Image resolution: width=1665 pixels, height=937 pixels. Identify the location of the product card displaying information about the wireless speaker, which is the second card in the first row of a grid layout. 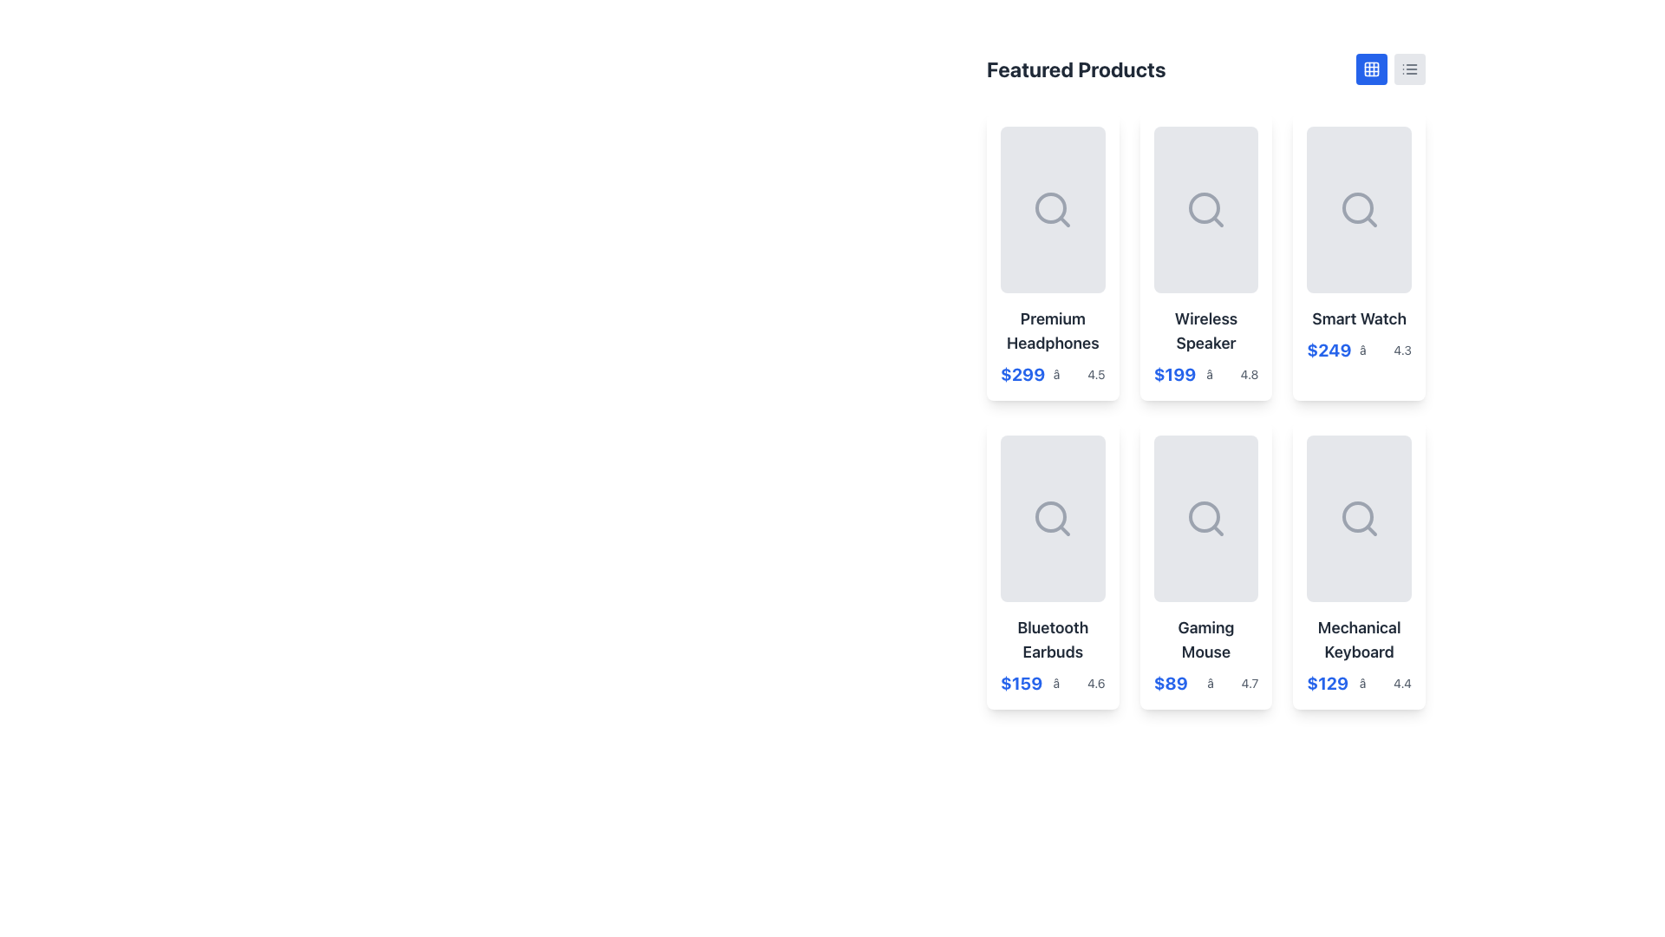
(1205, 257).